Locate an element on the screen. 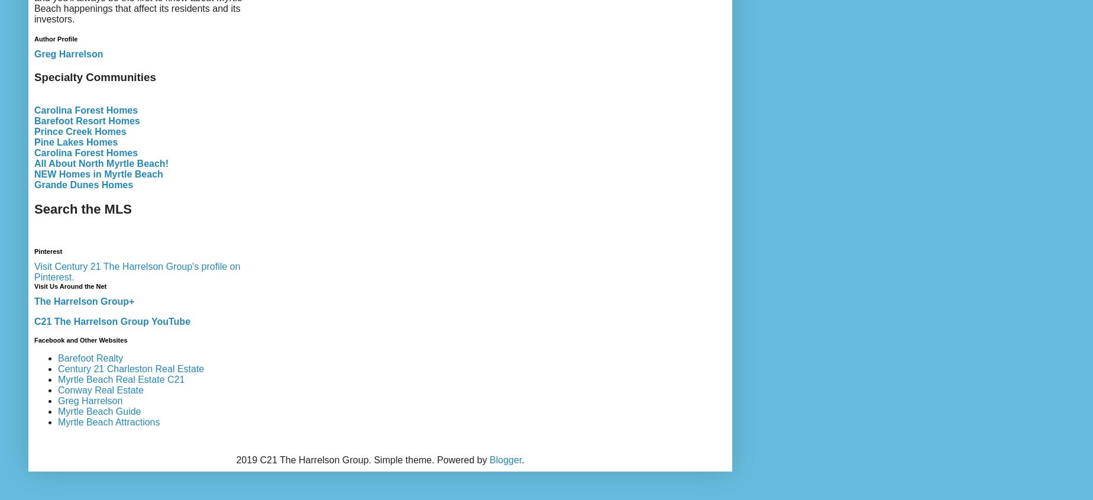 The height and width of the screenshot is (500, 1093). 'Prince Creek Homes' is located at coordinates (80, 131).